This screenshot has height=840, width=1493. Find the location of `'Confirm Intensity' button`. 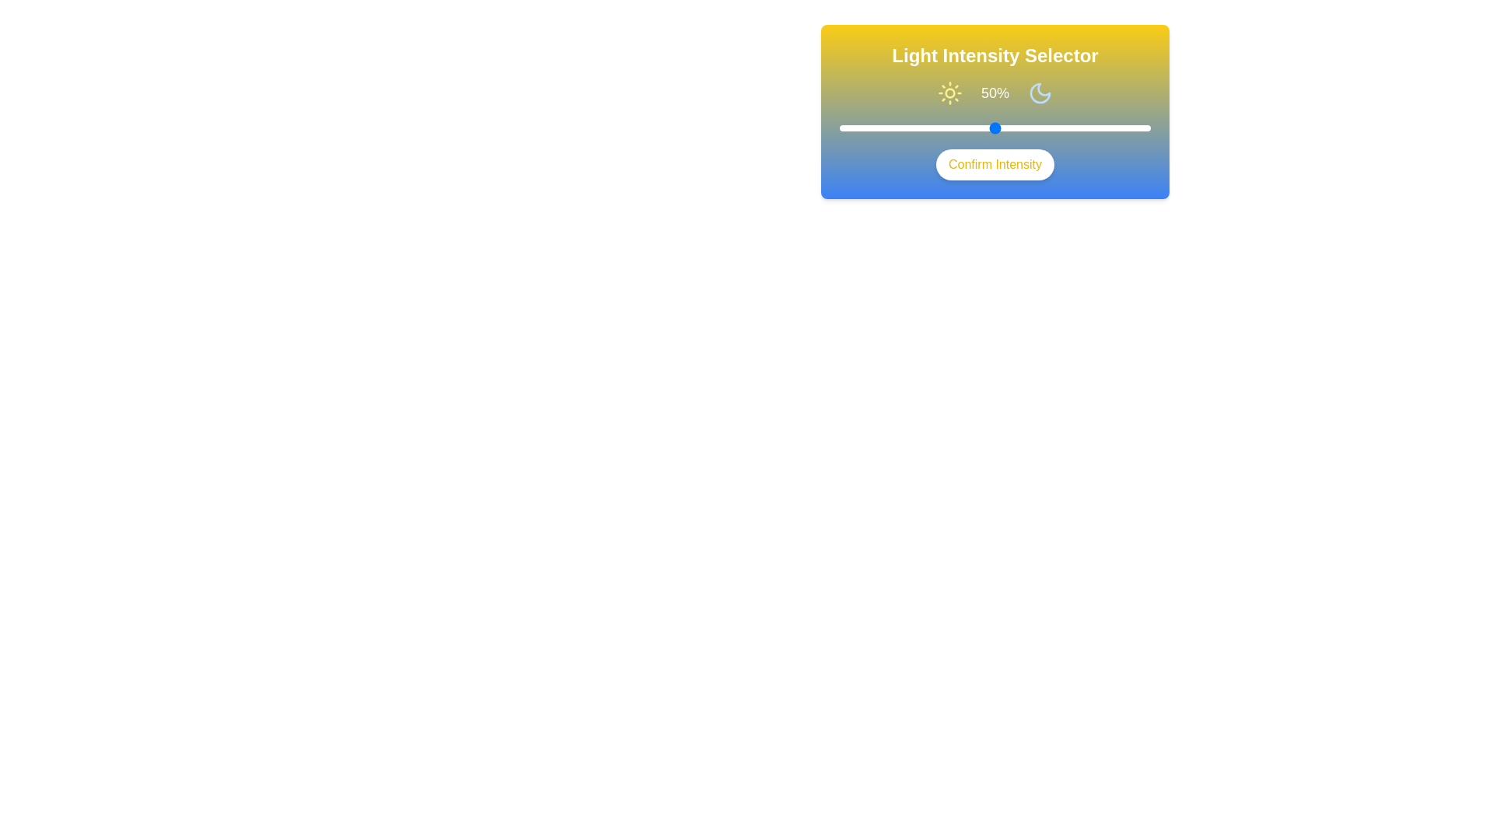

'Confirm Intensity' button is located at coordinates (995, 165).